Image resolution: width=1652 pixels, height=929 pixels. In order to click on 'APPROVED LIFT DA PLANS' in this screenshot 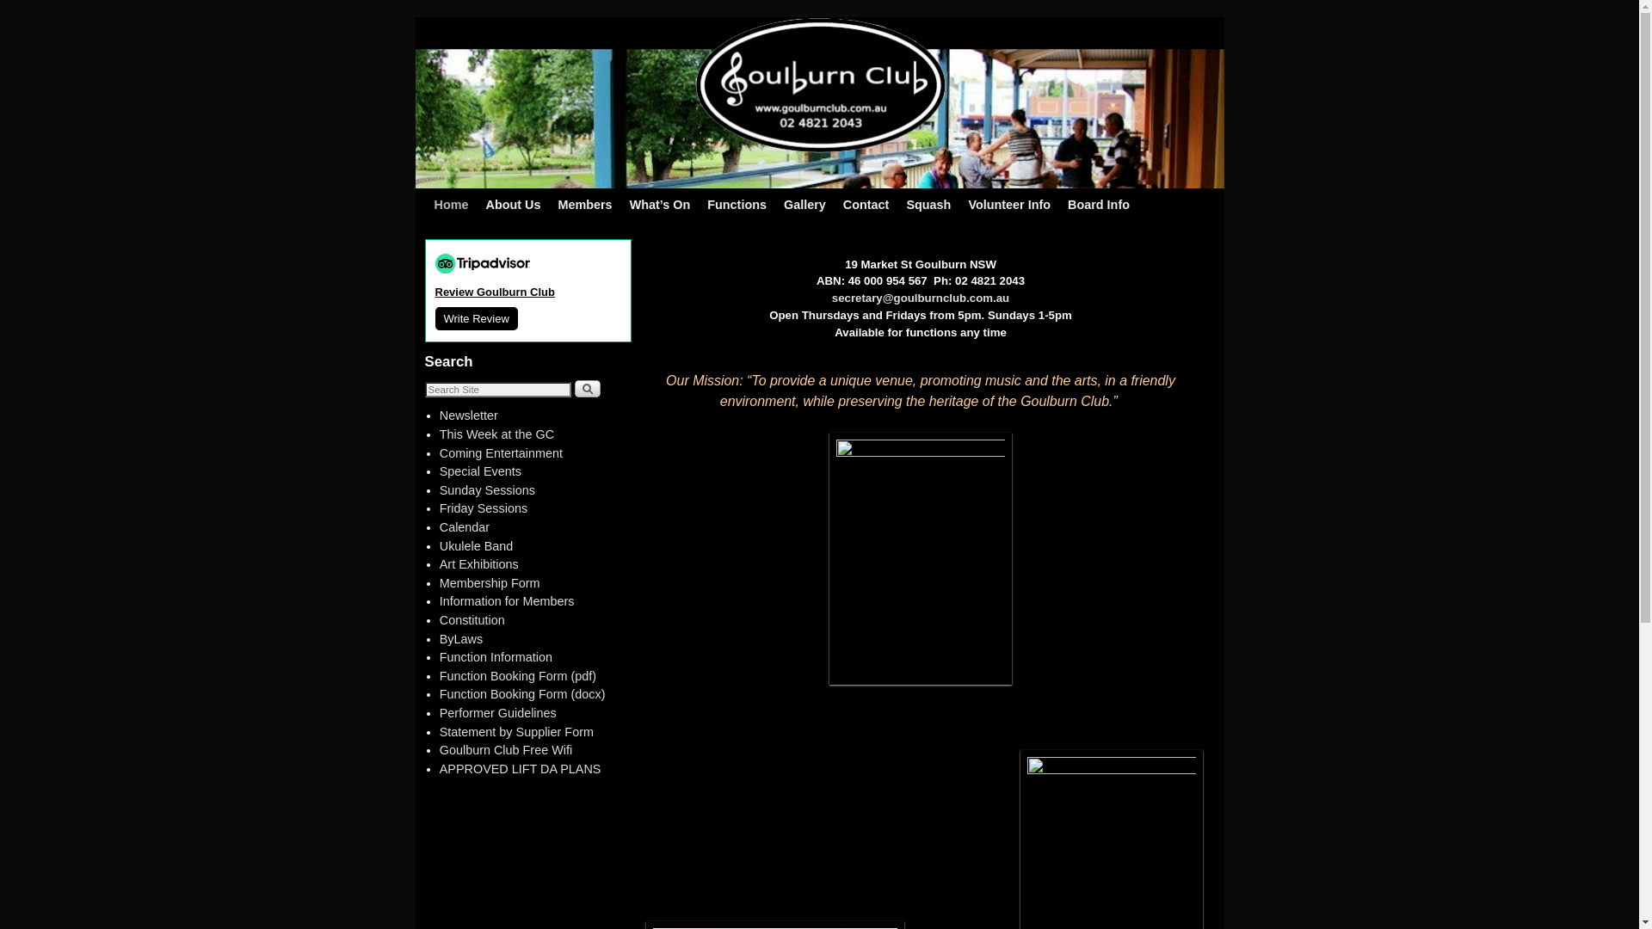, I will do `click(519, 768)`.